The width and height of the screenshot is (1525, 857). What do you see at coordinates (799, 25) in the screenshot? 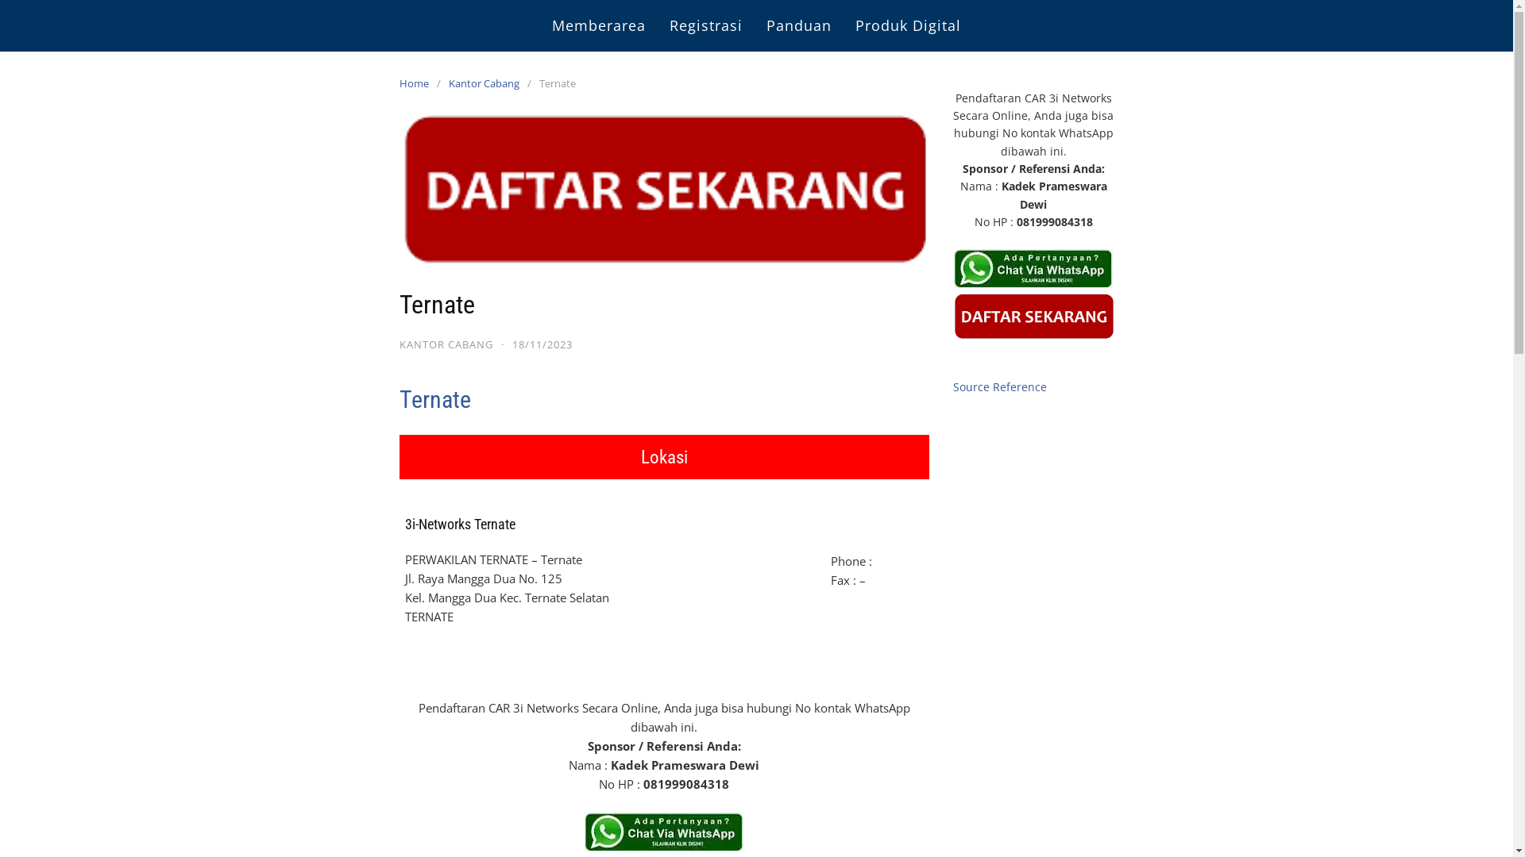
I see `'Panduan'` at bounding box center [799, 25].